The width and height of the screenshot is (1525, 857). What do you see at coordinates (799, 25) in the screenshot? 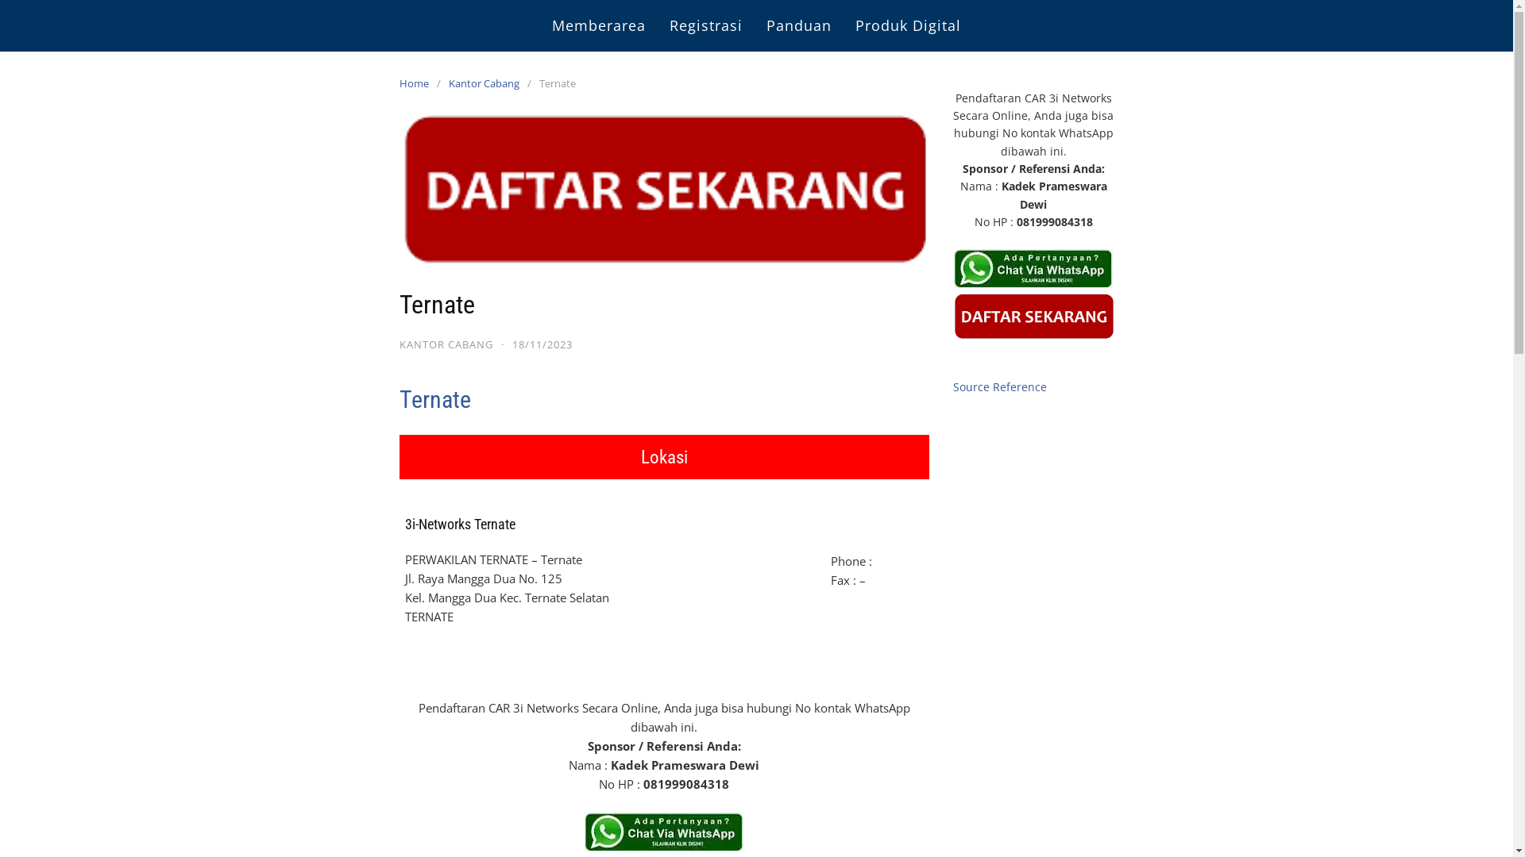
I see `'Panduan'` at bounding box center [799, 25].